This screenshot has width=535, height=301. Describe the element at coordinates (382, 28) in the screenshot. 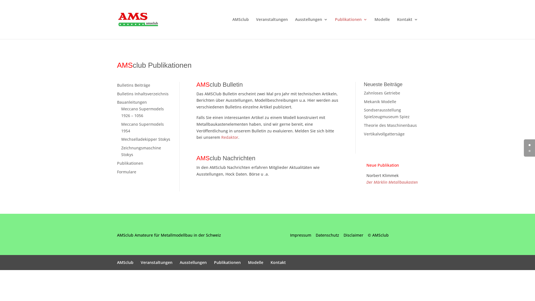

I see `'Modelle'` at that location.